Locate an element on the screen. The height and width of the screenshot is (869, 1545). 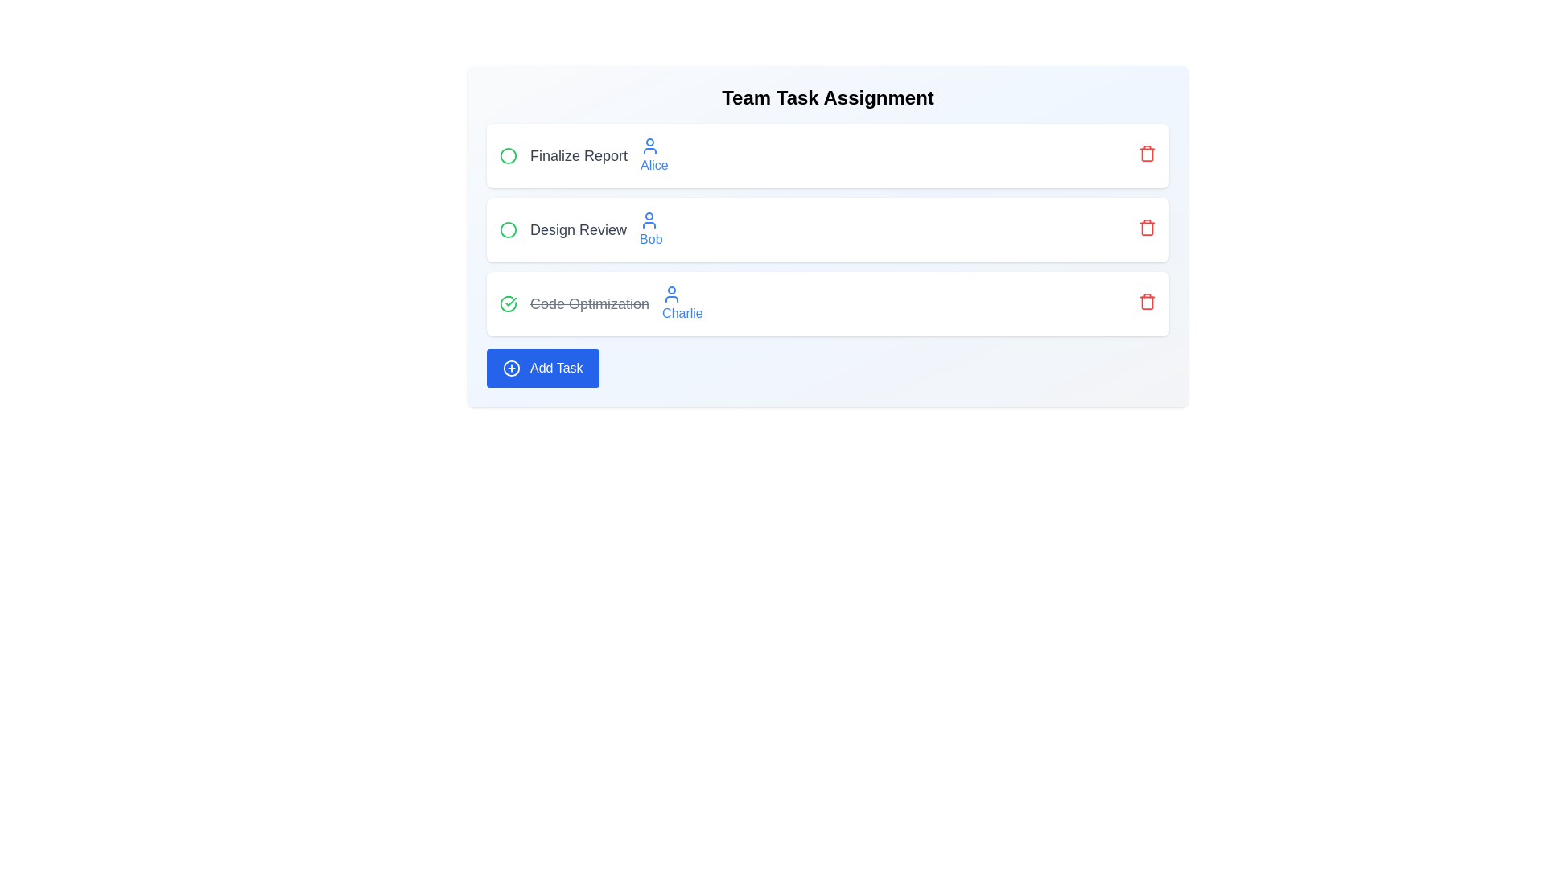
the trash icon to remove the task Design Review is located at coordinates (1146, 227).